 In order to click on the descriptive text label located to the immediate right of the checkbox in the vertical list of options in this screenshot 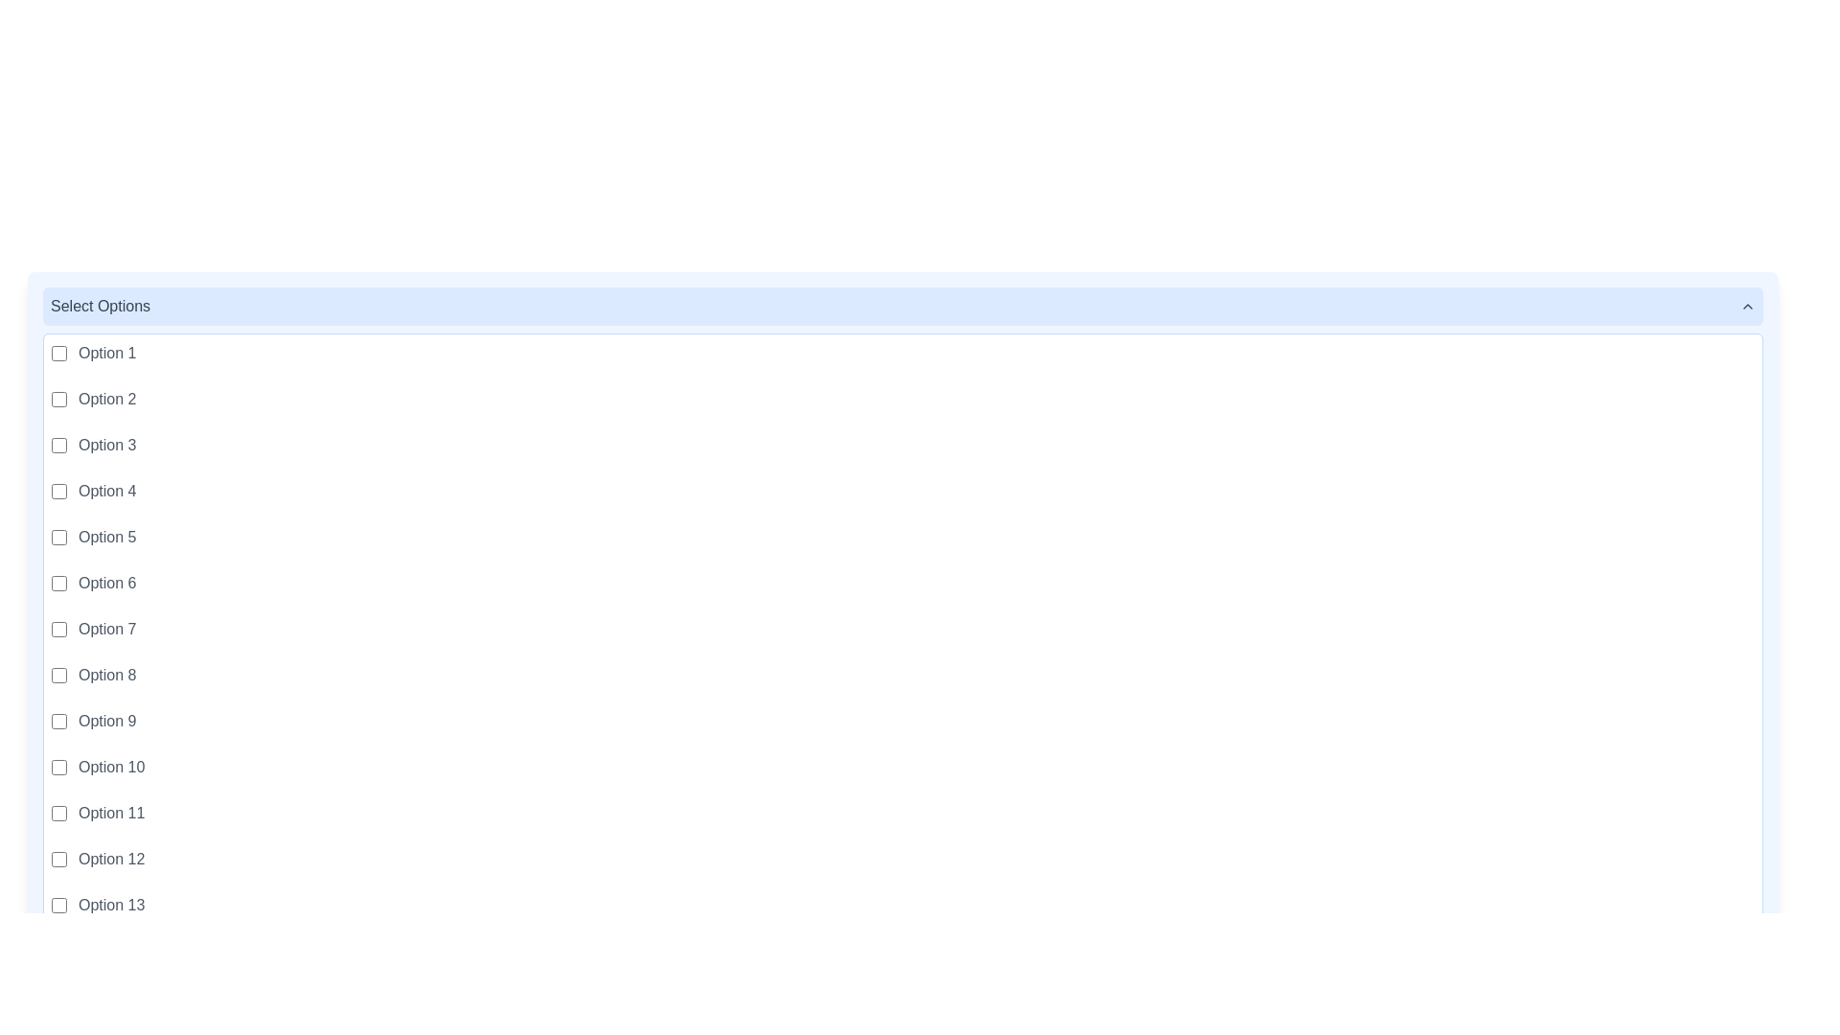, I will do `click(110, 813)`.